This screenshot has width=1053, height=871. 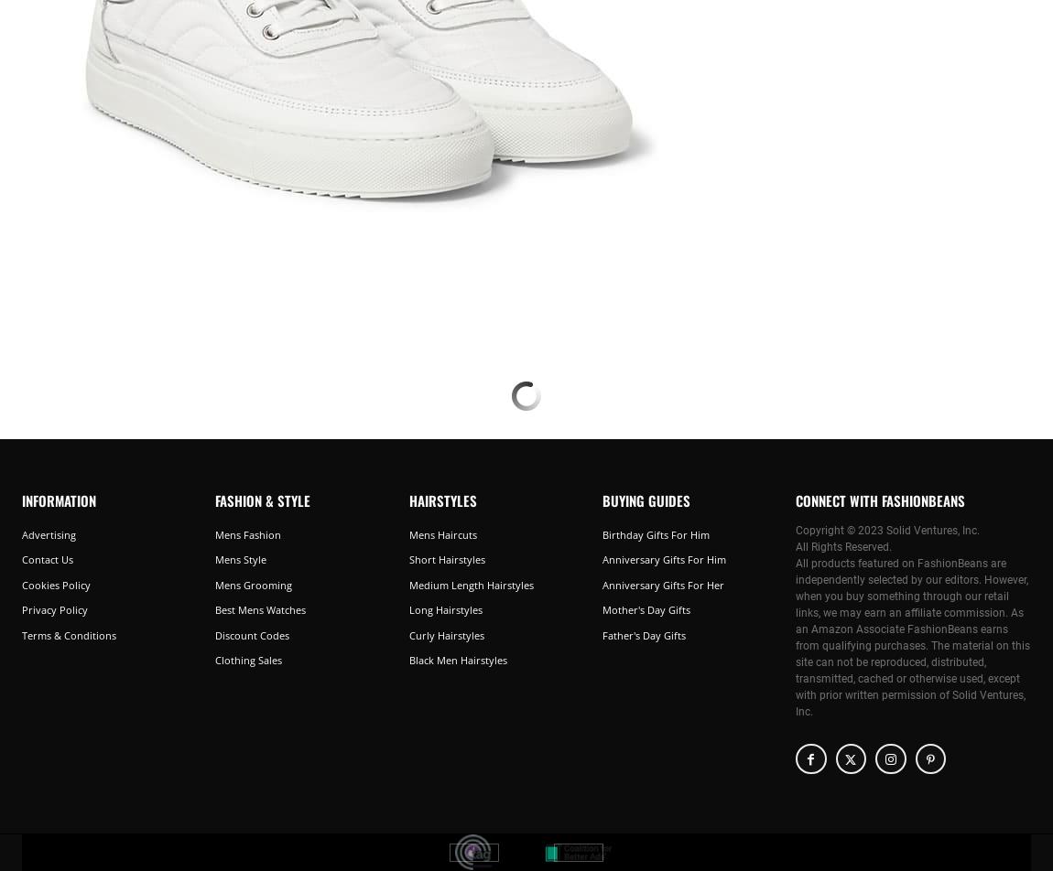 I want to click on 'BUYING GUIDES', so click(x=644, y=499).